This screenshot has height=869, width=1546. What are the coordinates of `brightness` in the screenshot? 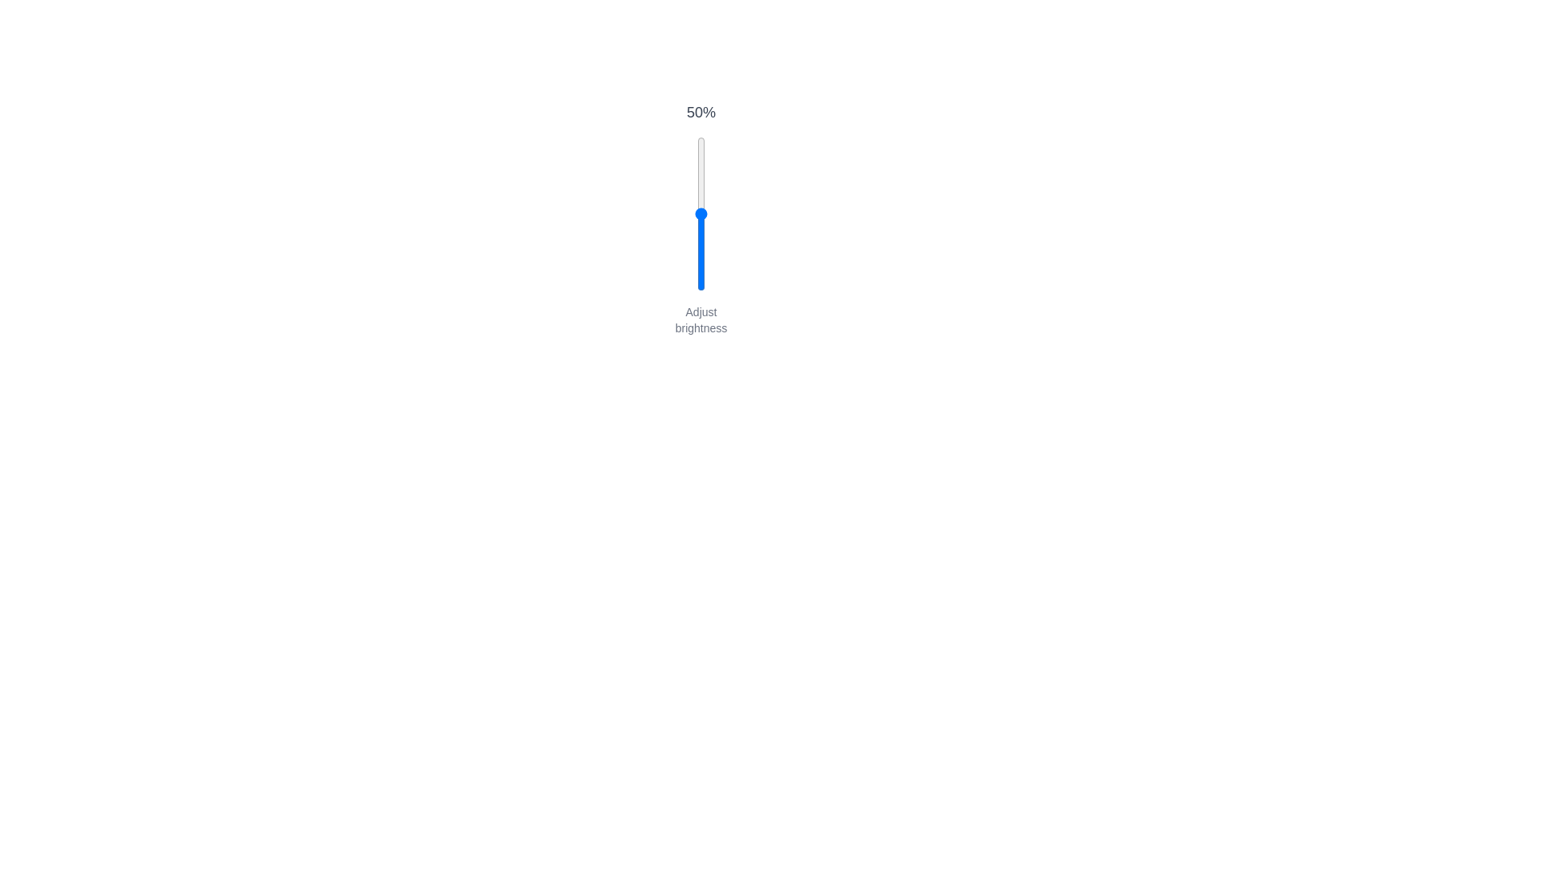 It's located at (701, 274).